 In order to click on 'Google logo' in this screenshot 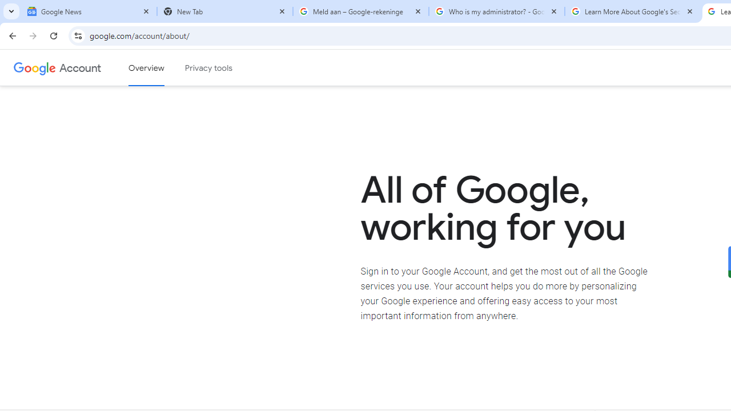, I will do `click(35, 67)`.